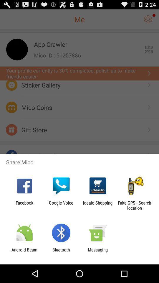 This screenshot has height=283, width=159. Describe the element at coordinates (134, 205) in the screenshot. I see `the fake gps search app` at that location.